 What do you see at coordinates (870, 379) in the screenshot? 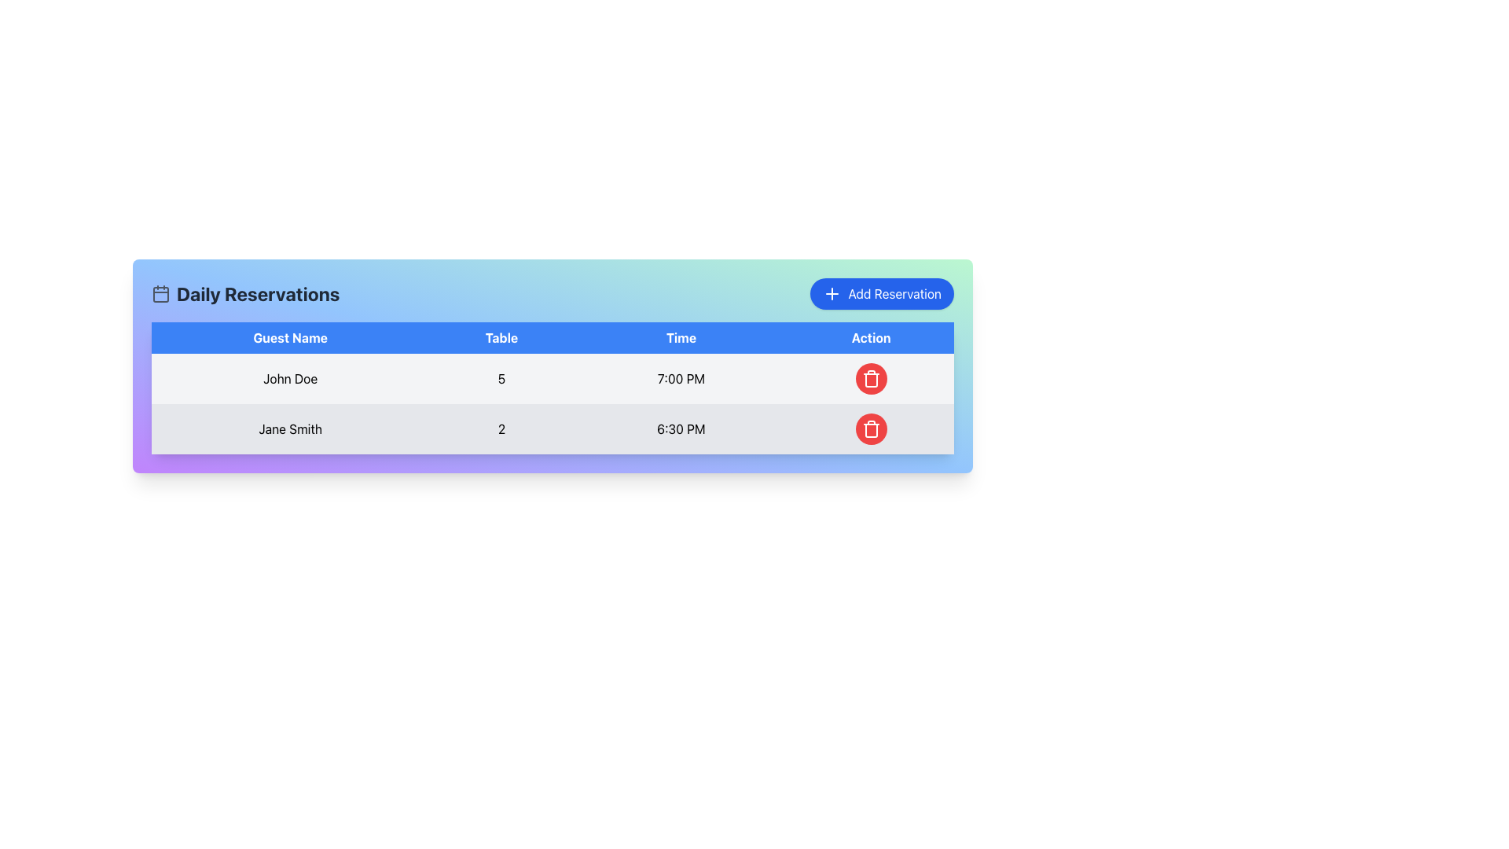
I see `the circular red button with a white trash bin icon in the 'Action' column of the 'Daily Reservations' section, corresponding to the first row for 'John Doe' at Table 5 at 7:00 PM` at bounding box center [870, 379].